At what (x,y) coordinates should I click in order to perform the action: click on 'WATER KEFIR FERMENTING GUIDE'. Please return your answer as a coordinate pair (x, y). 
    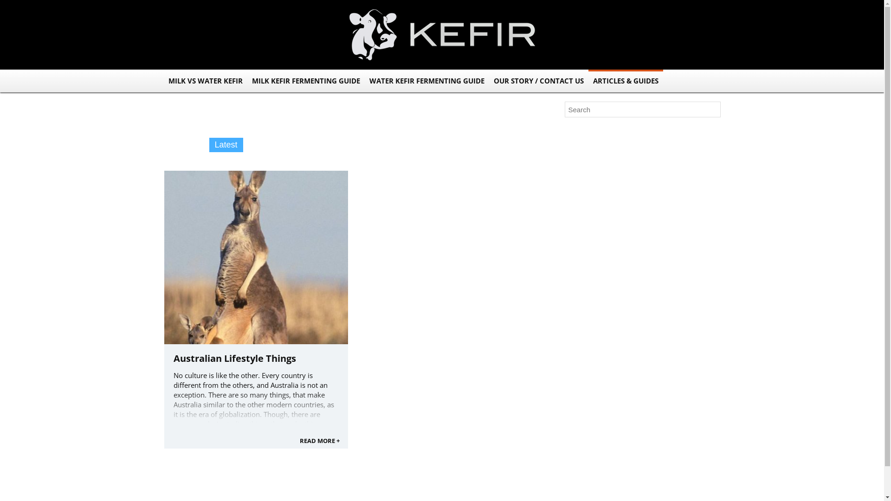
    Looking at the image, I should click on (426, 80).